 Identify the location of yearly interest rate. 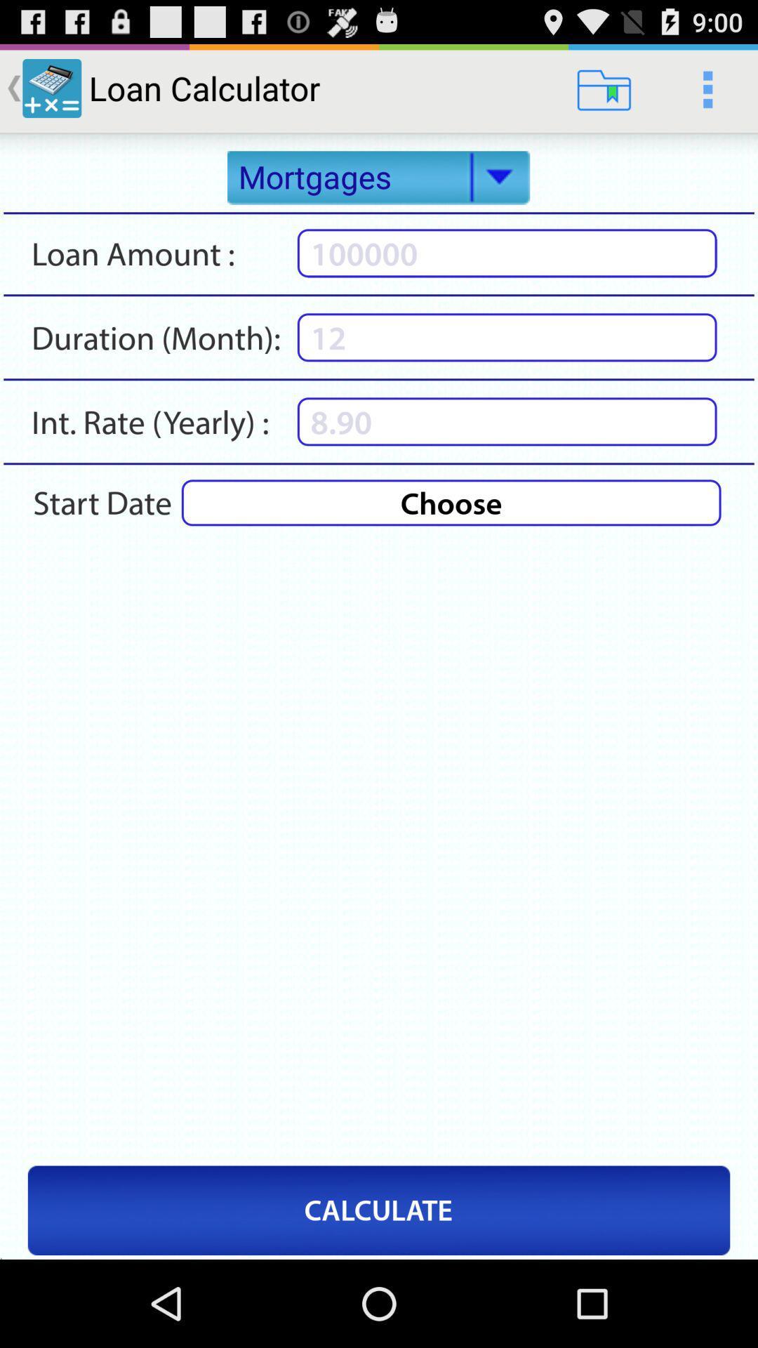
(507, 421).